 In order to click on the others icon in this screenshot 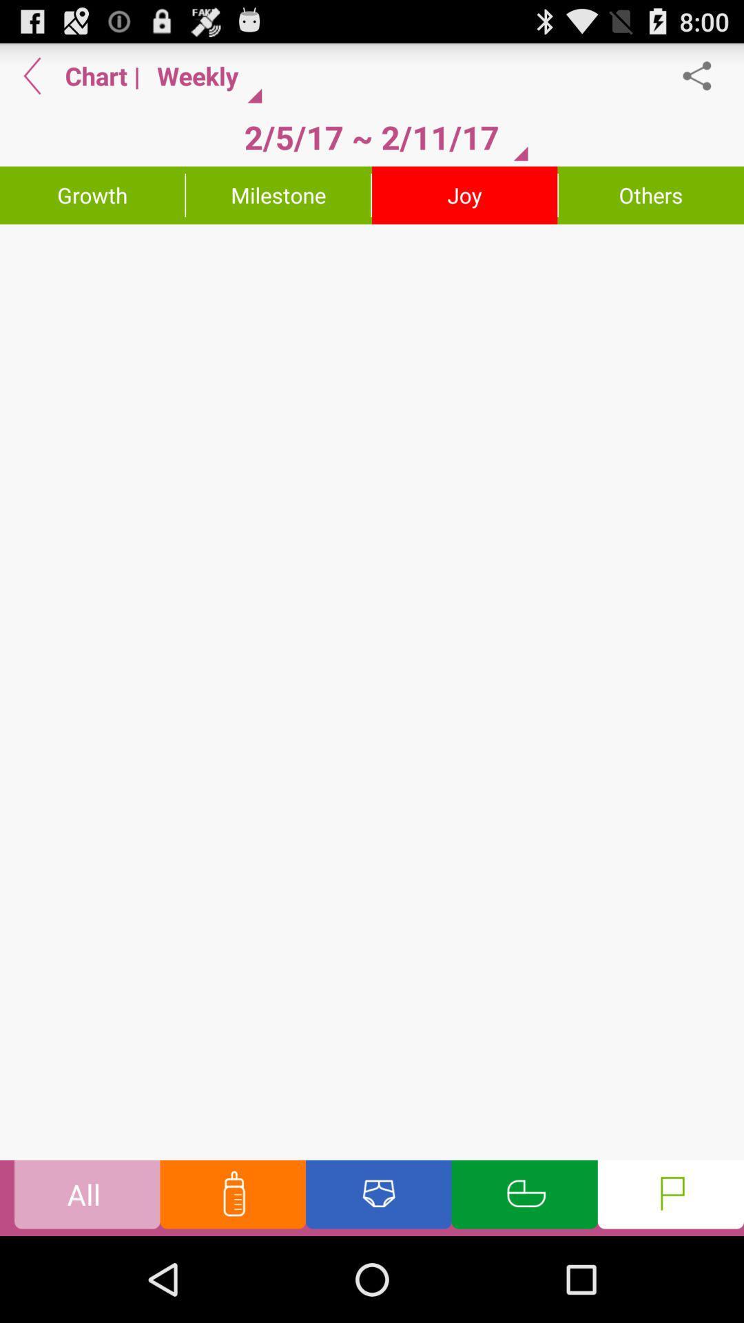, I will do `click(651, 194)`.